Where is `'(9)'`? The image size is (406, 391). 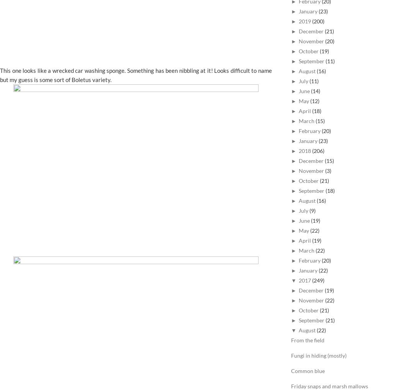
'(9)' is located at coordinates (312, 210).